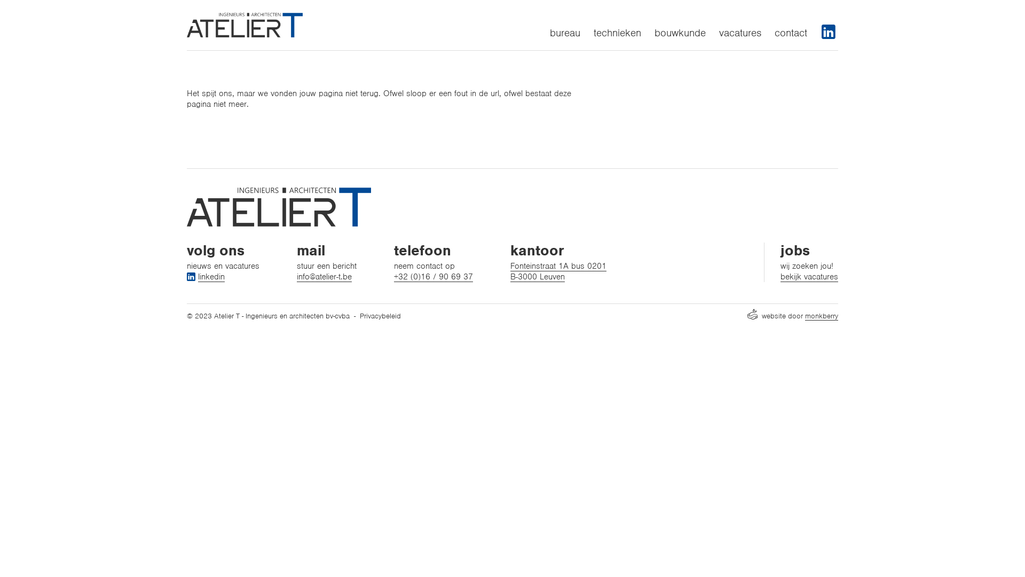 The height and width of the screenshot is (577, 1025). What do you see at coordinates (206, 276) in the screenshot?
I see `'L linkedin'` at bounding box center [206, 276].